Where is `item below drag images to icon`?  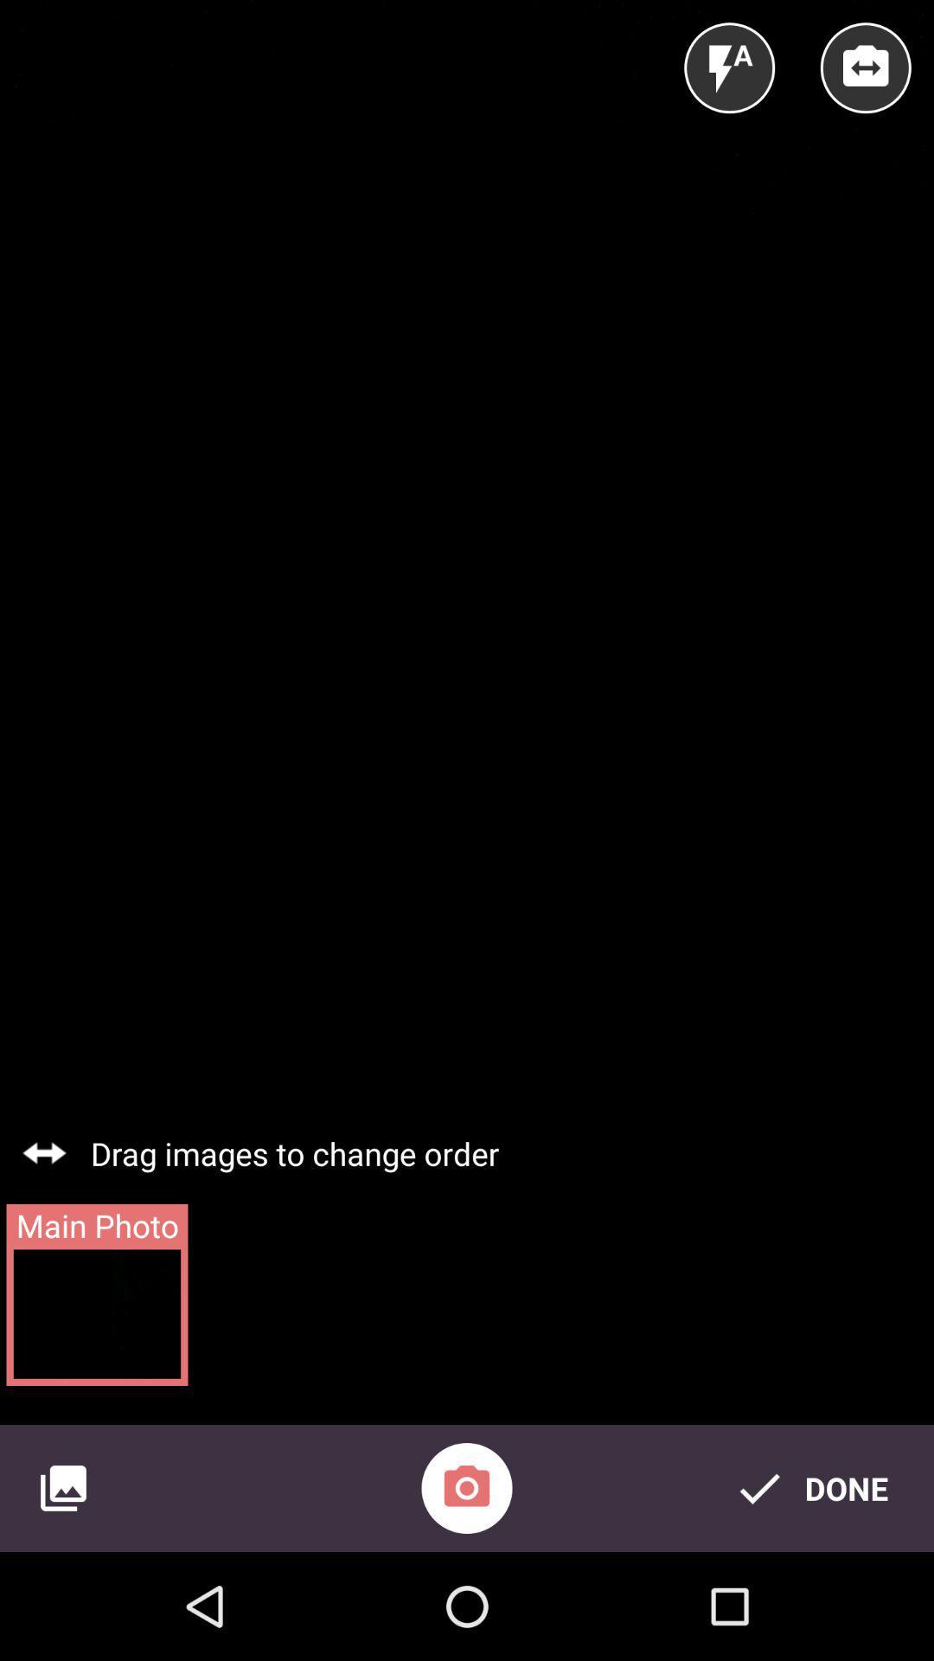
item below drag images to icon is located at coordinates (467, 1487).